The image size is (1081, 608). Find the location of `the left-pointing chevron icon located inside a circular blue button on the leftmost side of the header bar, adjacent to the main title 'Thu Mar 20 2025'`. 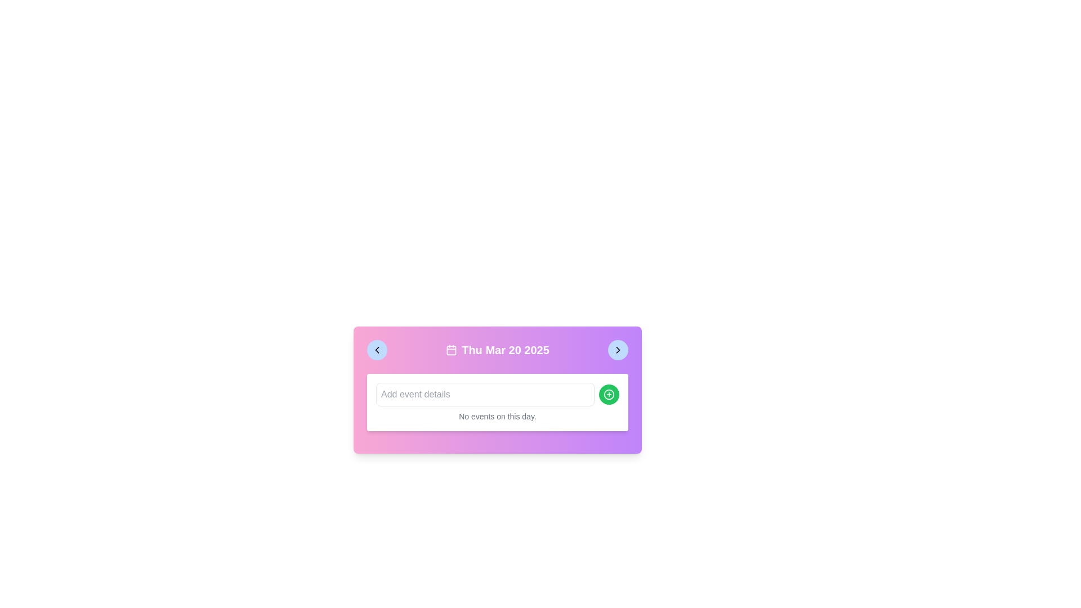

the left-pointing chevron icon located inside a circular blue button on the leftmost side of the header bar, adjacent to the main title 'Thu Mar 20 2025' is located at coordinates (377, 349).